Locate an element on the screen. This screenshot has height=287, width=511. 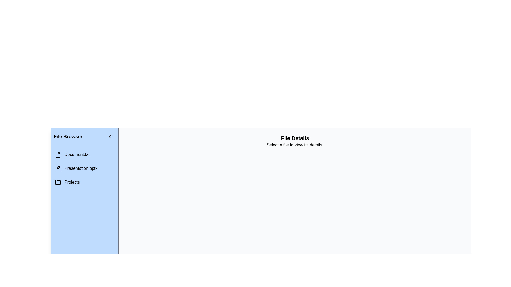
the text label displaying 'Projects' in the left sidebar under 'File Browser' to interact with the folder it represents is located at coordinates (72, 182).